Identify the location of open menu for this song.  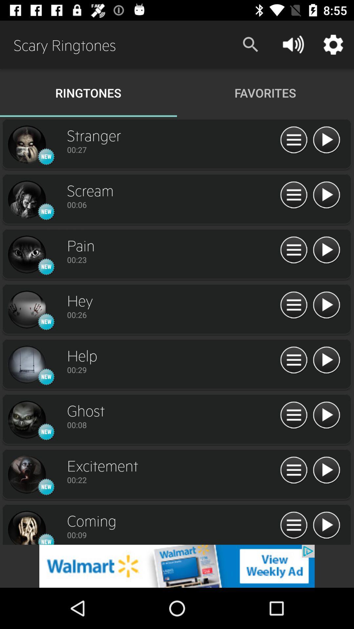
(293, 305).